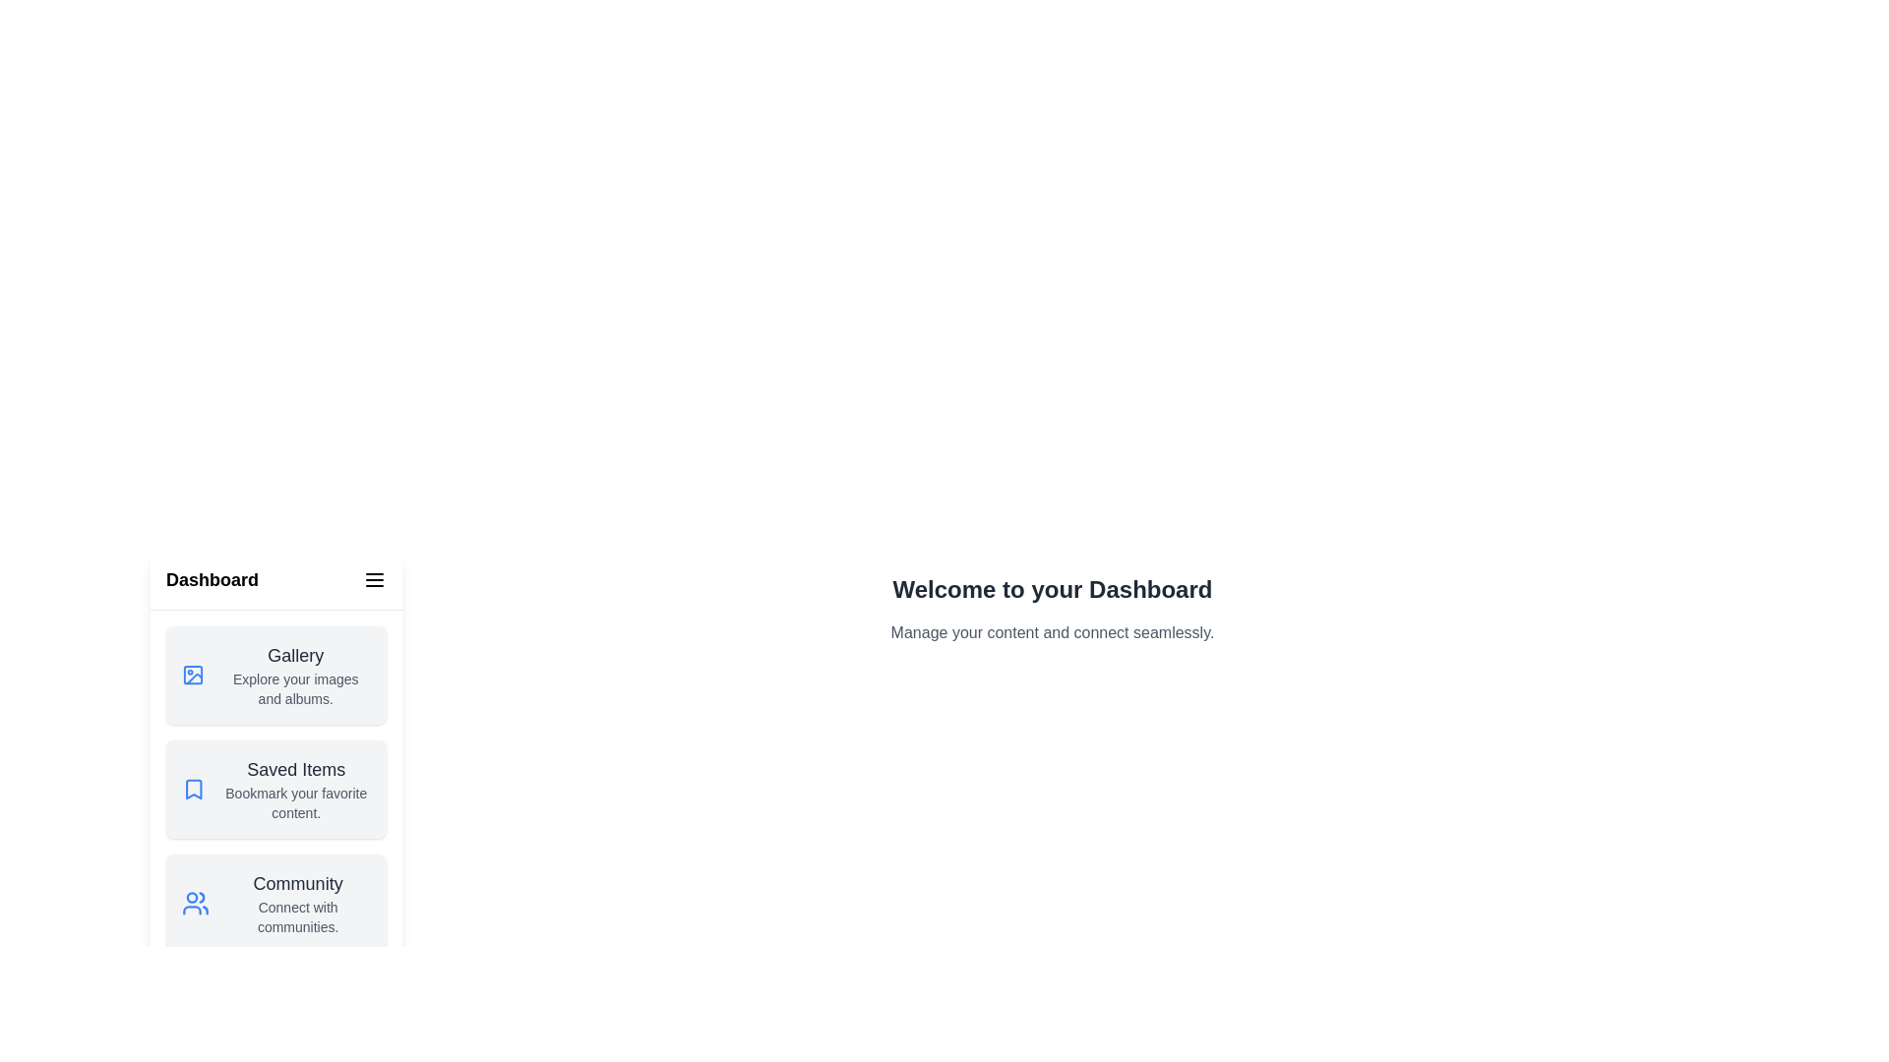 The image size is (1889, 1062). I want to click on the section Saved Items to observe its hover effect, so click(275, 788).